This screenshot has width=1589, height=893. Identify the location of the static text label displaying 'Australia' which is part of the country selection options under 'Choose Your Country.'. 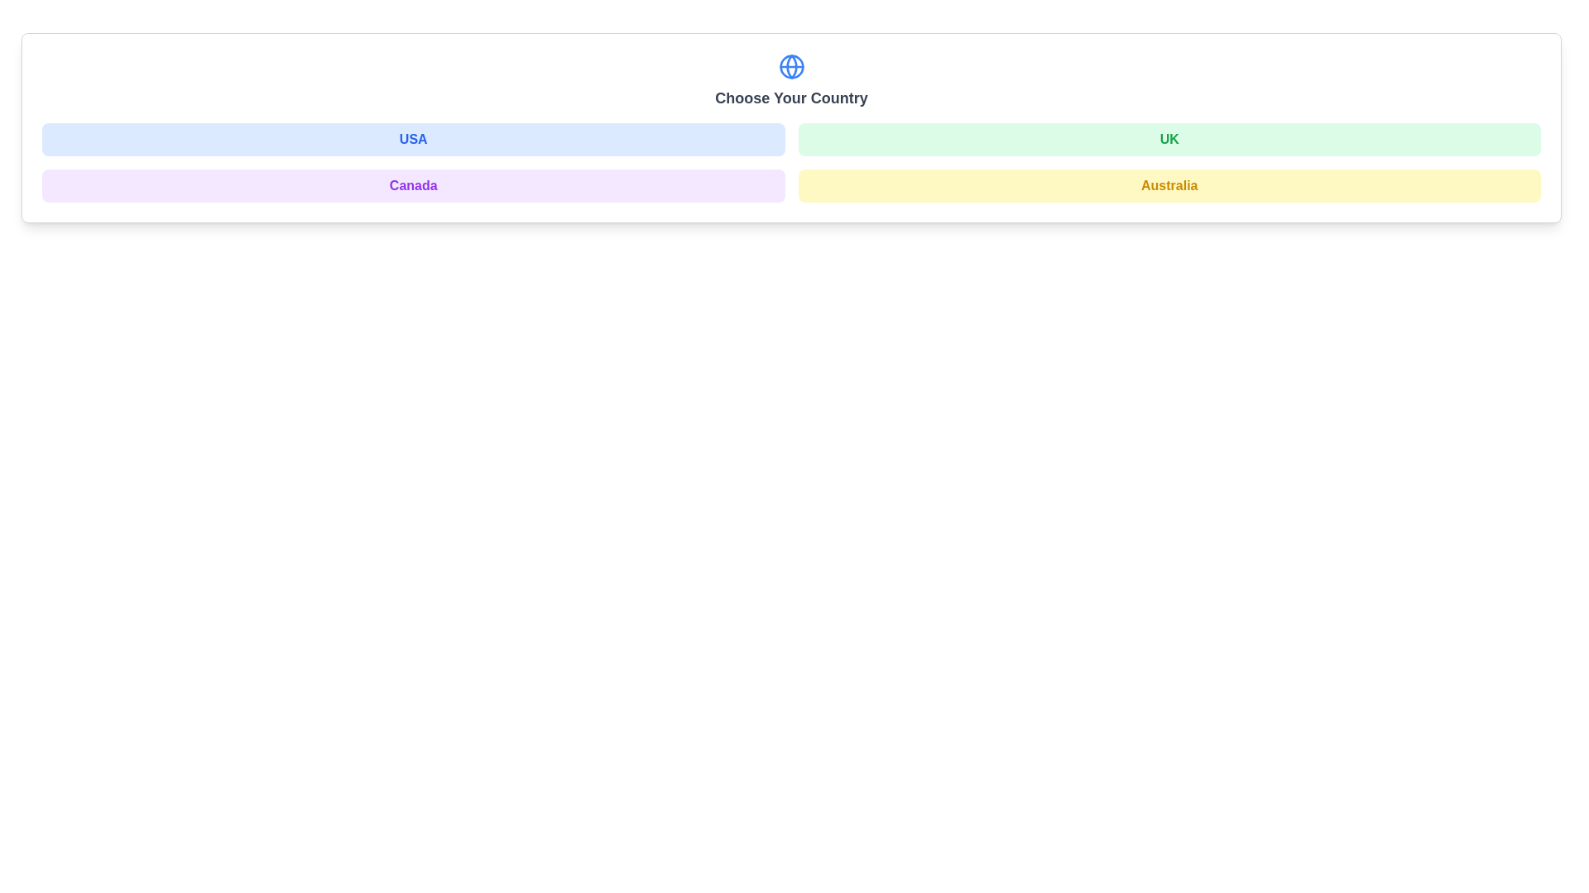
(1169, 185).